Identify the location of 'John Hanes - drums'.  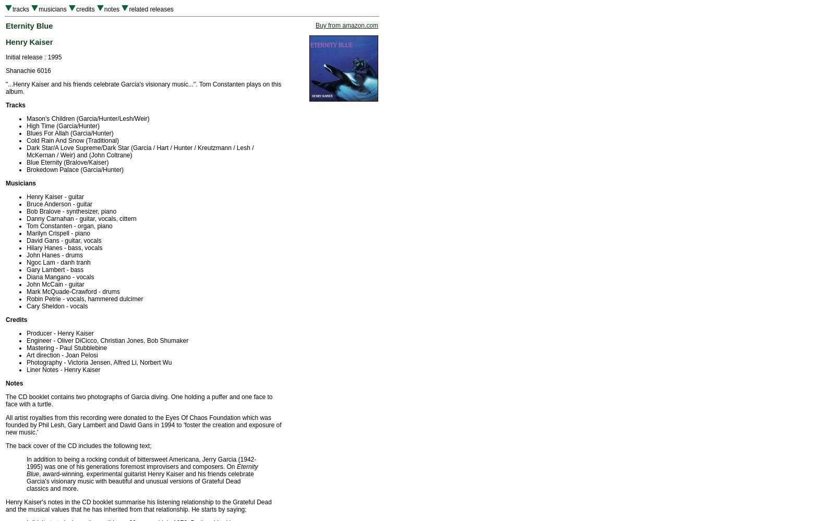
(27, 255).